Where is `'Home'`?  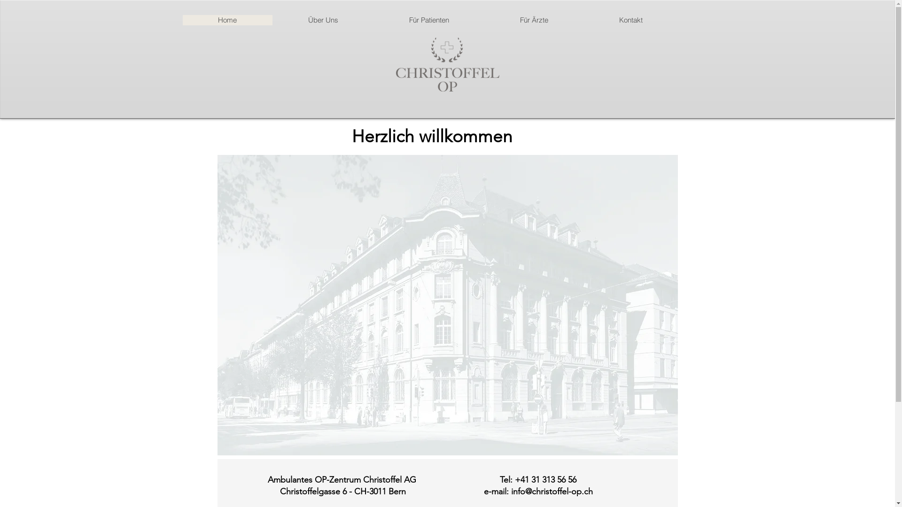
'Home' is located at coordinates (182, 20).